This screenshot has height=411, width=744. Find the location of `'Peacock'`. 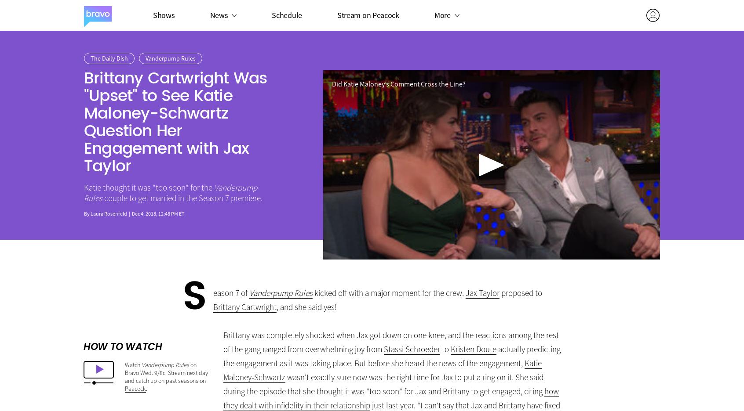

'Peacock' is located at coordinates (135, 388).